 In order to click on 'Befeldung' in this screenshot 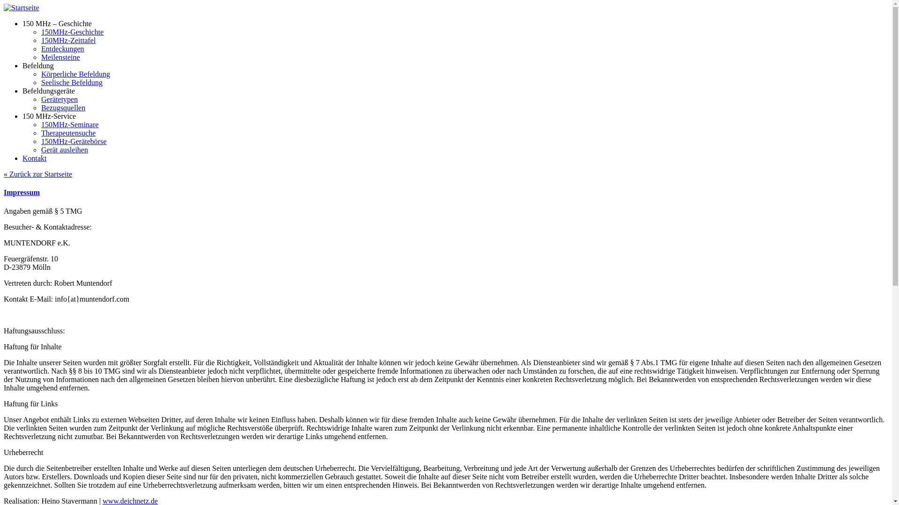, I will do `click(37, 65)`.